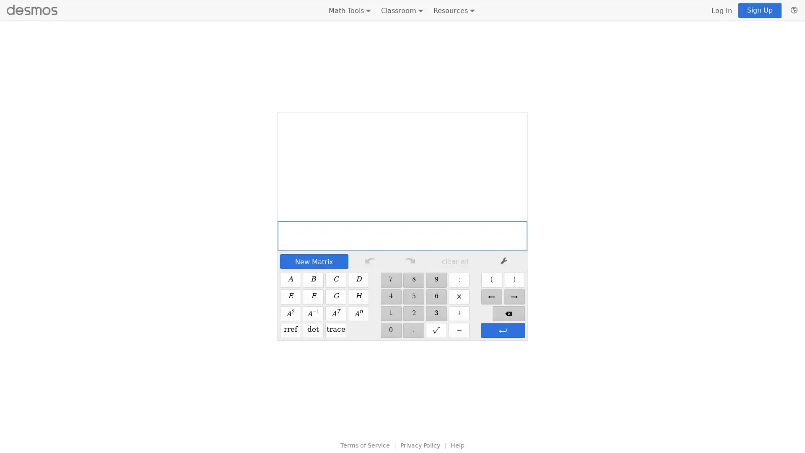 This screenshot has height=453, width=805. I want to click on Inverse, so click(313, 314).